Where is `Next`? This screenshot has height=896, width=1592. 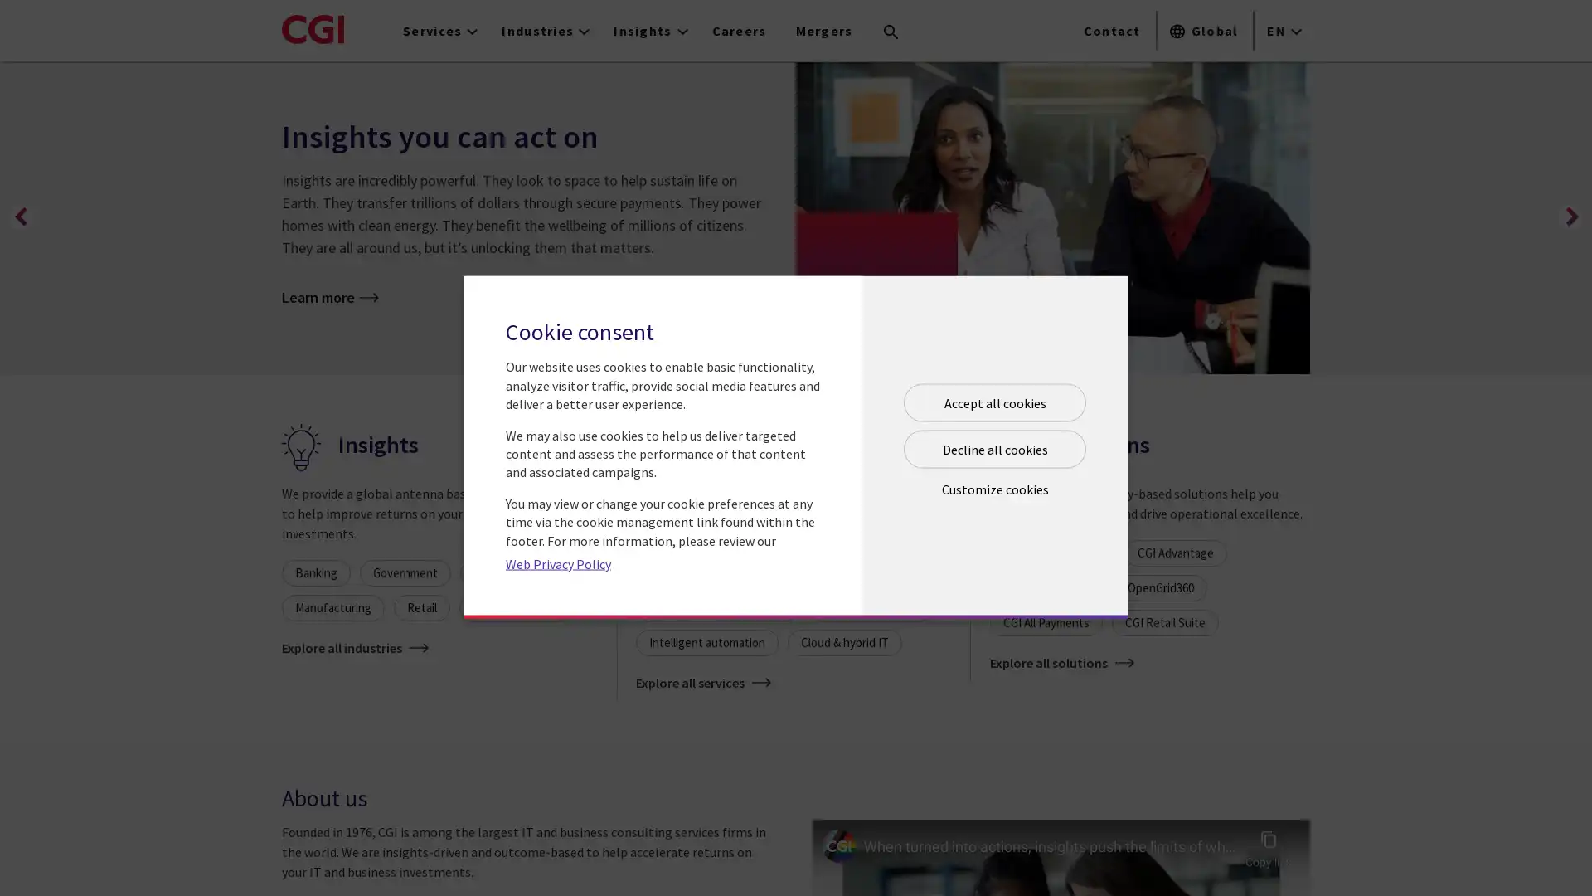 Next is located at coordinates (1570, 216).